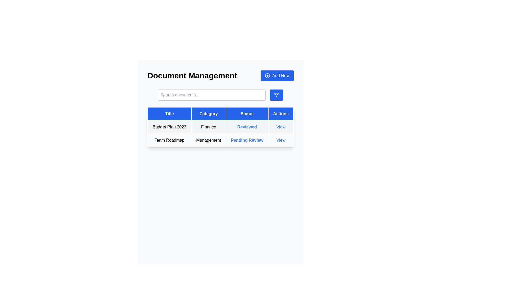  I want to click on the details of the icon representing a circle with a plus sign, located within the 'Add New' button in the top-right corner of the section, so click(267, 75).